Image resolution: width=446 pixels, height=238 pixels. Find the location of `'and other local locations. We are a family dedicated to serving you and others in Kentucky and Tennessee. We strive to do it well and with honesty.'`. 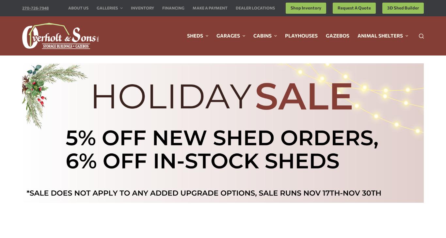

'and other local locations. We are a family dedicated to serving you and others in Kentucky and Tennessee. We strive to do it well and with honesty.' is located at coordinates (77, 116).